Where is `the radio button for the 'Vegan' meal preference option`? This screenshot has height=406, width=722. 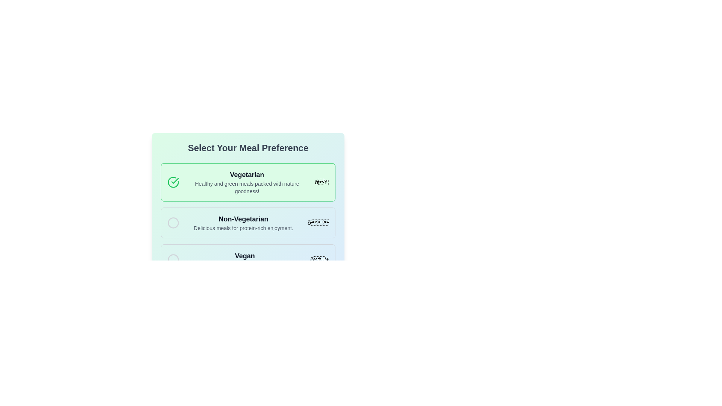 the radio button for the 'Vegan' meal preference option is located at coordinates (173, 259).